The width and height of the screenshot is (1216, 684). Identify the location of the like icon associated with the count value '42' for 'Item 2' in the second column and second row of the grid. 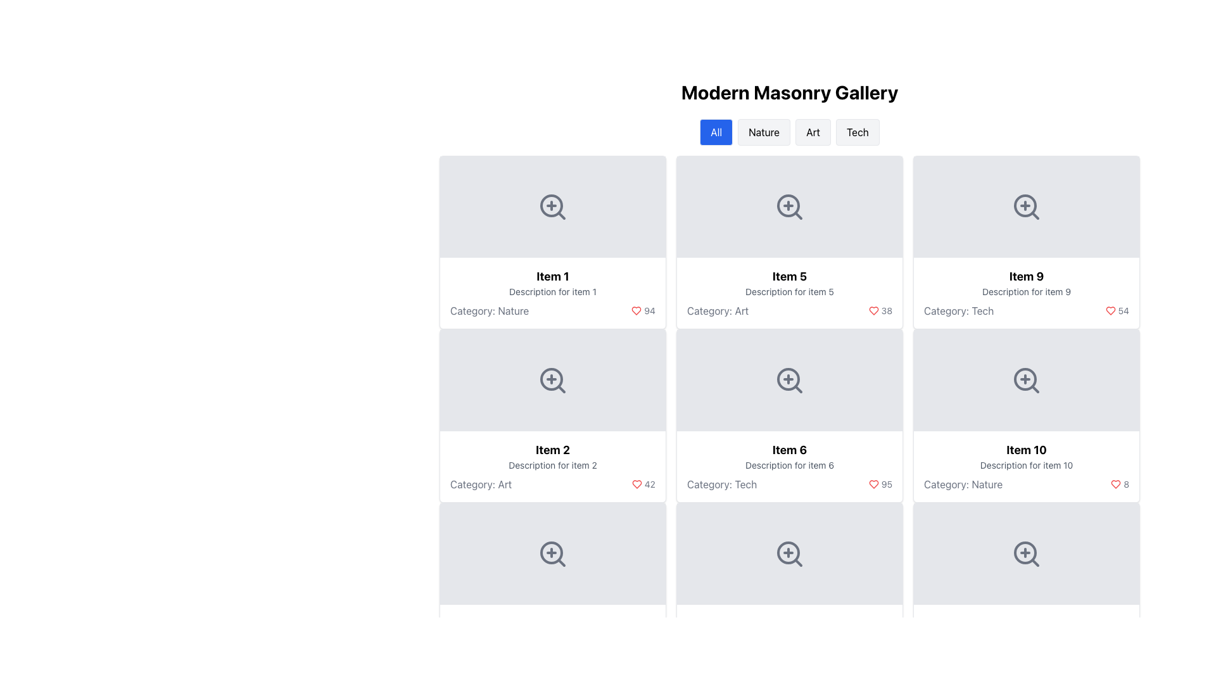
(636, 484).